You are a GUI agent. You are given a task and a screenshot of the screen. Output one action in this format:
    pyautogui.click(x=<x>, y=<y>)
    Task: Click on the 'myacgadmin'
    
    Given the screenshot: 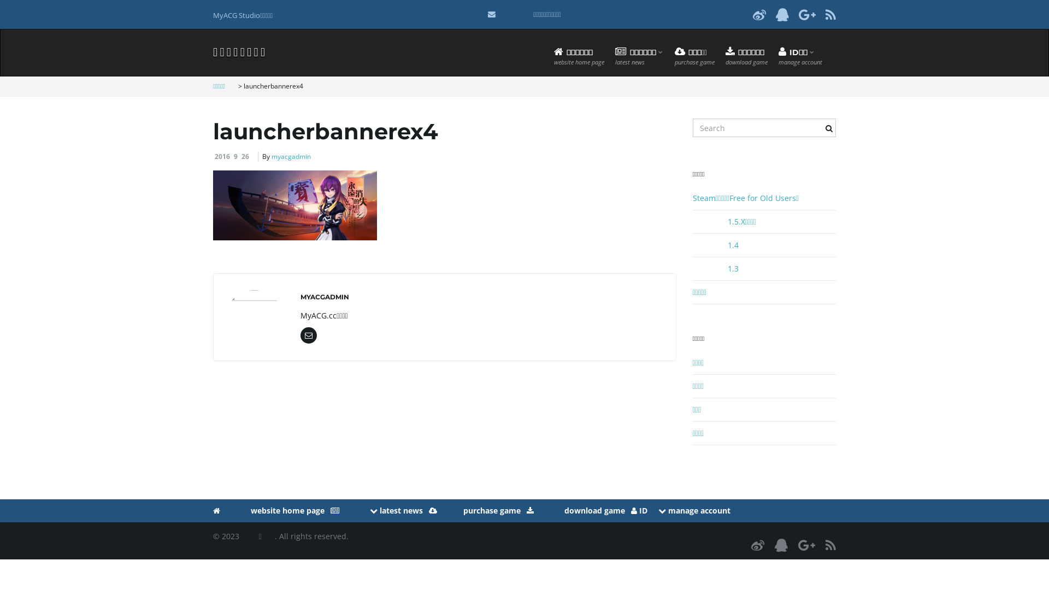 What is the action you would take?
    pyautogui.click(x=291, y=156)
    